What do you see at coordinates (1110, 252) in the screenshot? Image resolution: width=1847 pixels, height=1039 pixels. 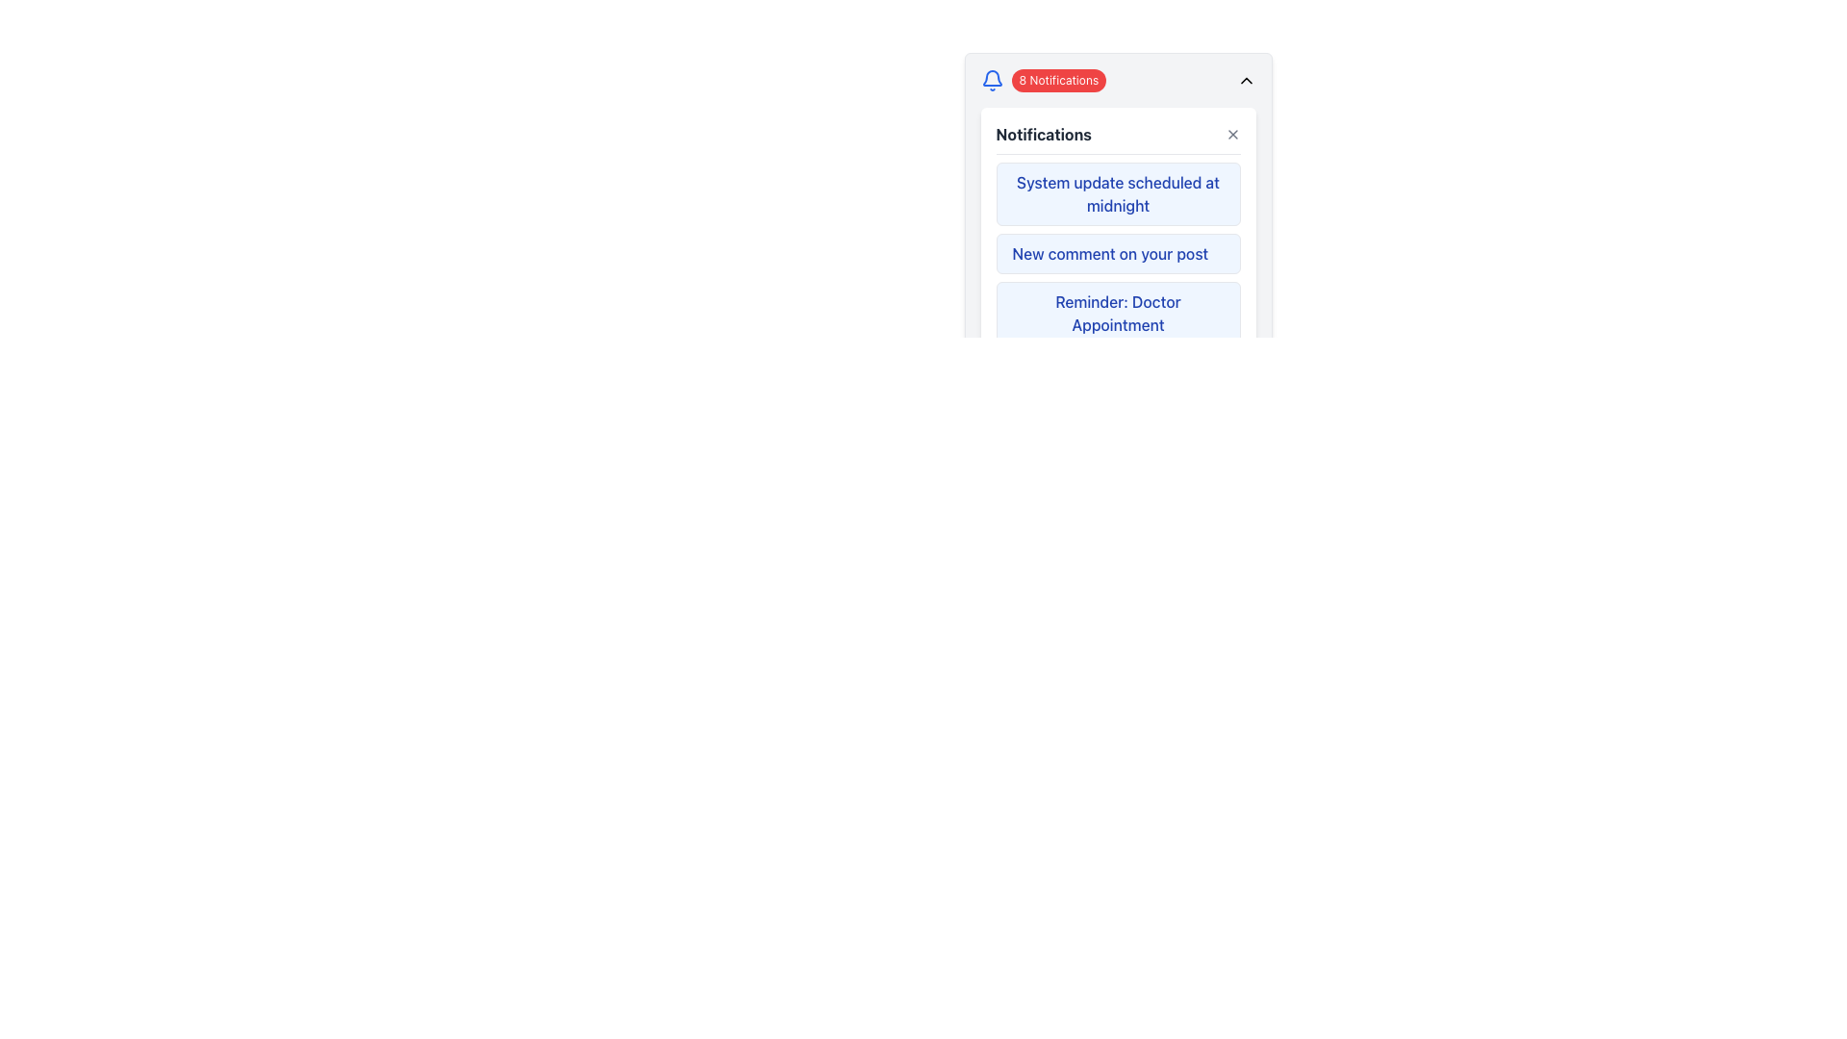 I see `the text segment displaying 'New comment on your post', which is styled in blue and bold within a light blue notification panel` at bounding box center [1110, 252].